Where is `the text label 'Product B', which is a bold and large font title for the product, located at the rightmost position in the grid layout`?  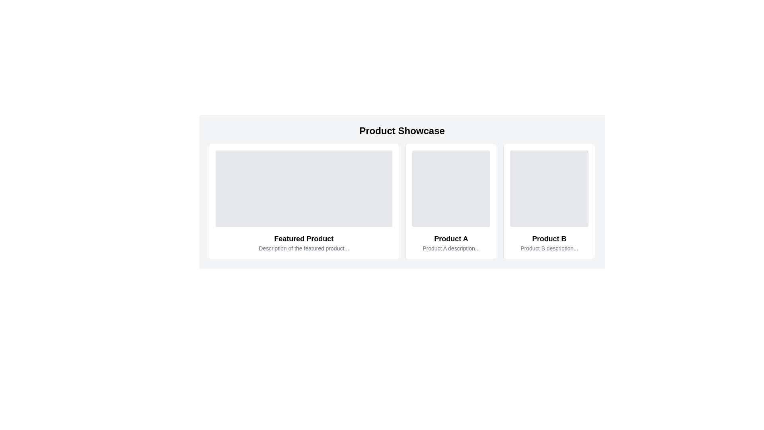
the text label 'Product B', which is a bold and large font title for the product, located at the rightmost position in the grid layout is located at coordinates (549, 238).